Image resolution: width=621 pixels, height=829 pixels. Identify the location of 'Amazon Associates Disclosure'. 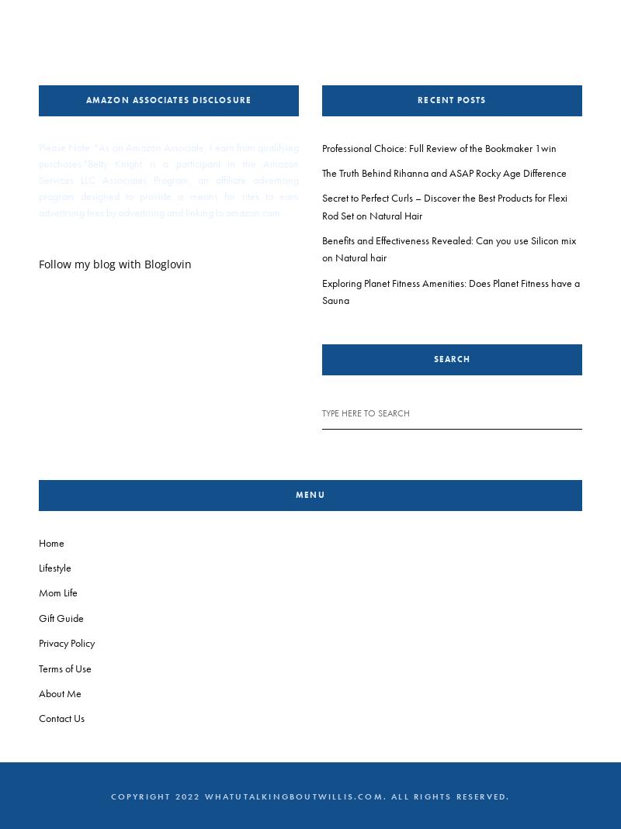
(168, 100).